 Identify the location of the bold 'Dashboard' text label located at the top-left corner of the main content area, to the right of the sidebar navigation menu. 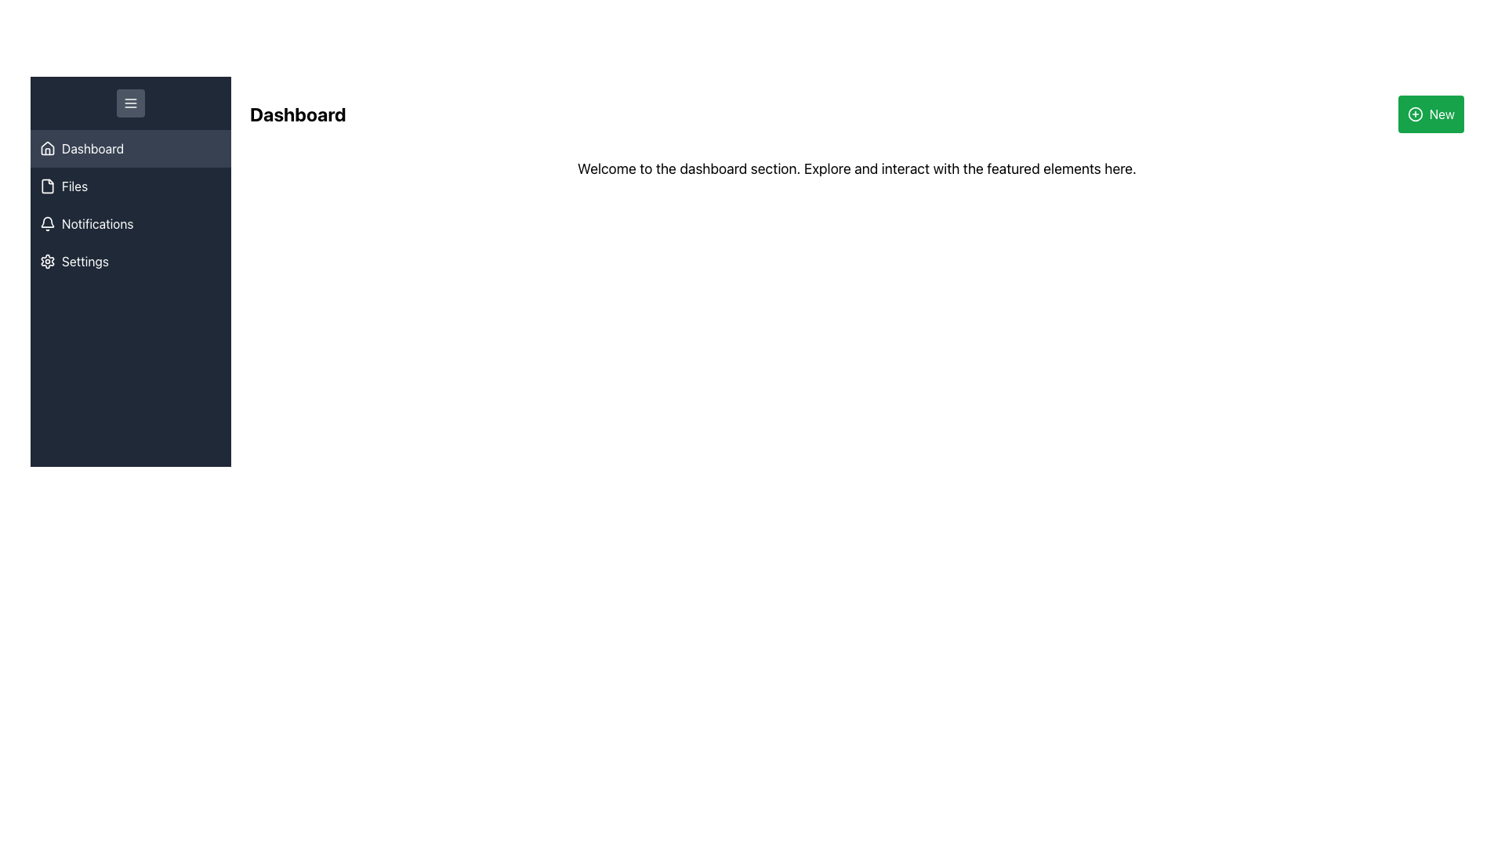
(298, 114).